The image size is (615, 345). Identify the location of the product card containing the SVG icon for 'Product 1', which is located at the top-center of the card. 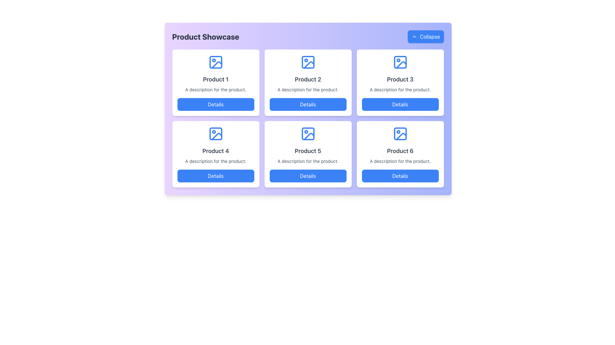
(216, 62).